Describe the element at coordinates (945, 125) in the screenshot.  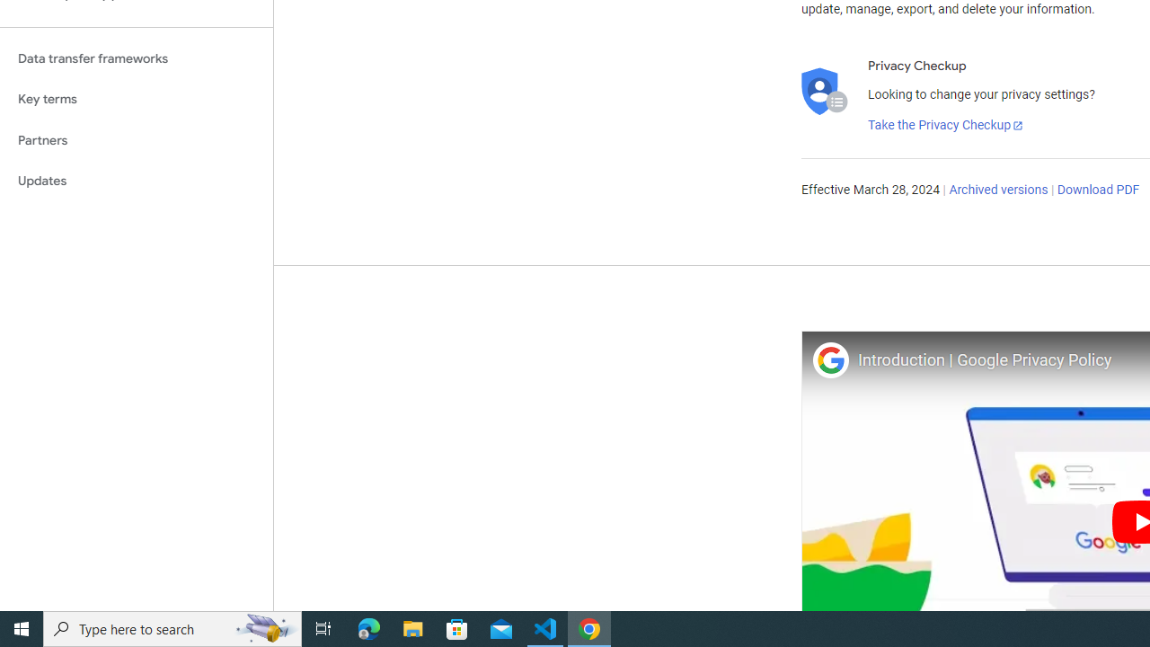
I see `'Take the Privacy Checkup'` at that location.